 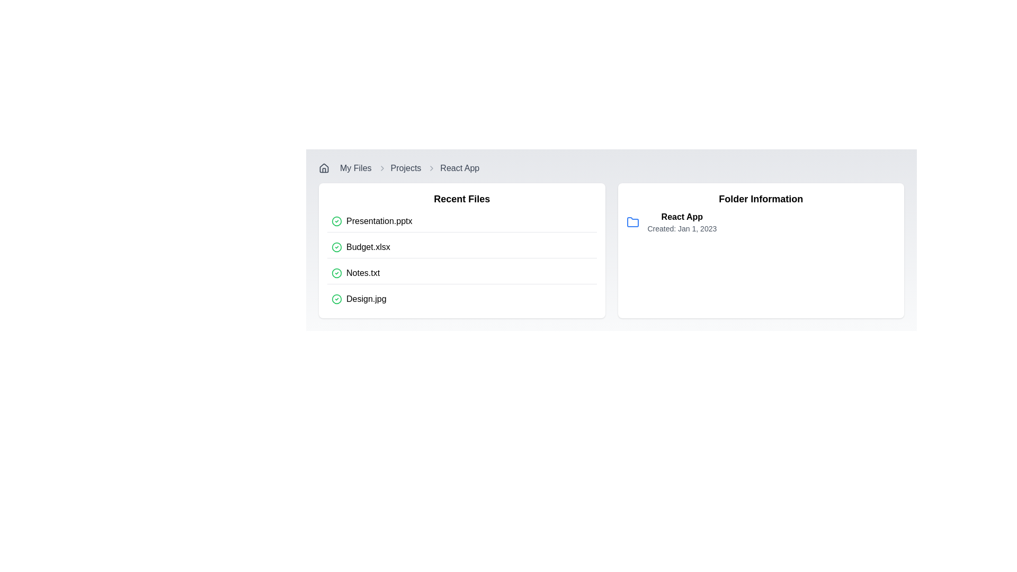 What do you see at coordinates (462, 299) in the screenshot?
I see `the last file entry in the 'Recent Files' list, which is indicated by a green checkmark` at bounding box center [462, 299].